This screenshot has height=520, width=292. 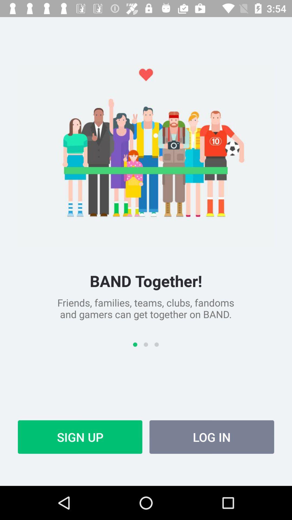 I want to click on icon to the left of the log in, so click(x=80, y=437).